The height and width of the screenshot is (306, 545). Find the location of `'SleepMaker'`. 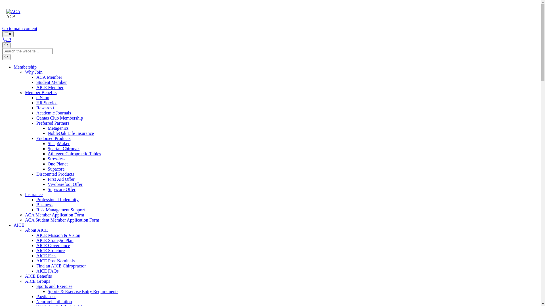

'SleepMaker' is located at coordinates (58, 143).